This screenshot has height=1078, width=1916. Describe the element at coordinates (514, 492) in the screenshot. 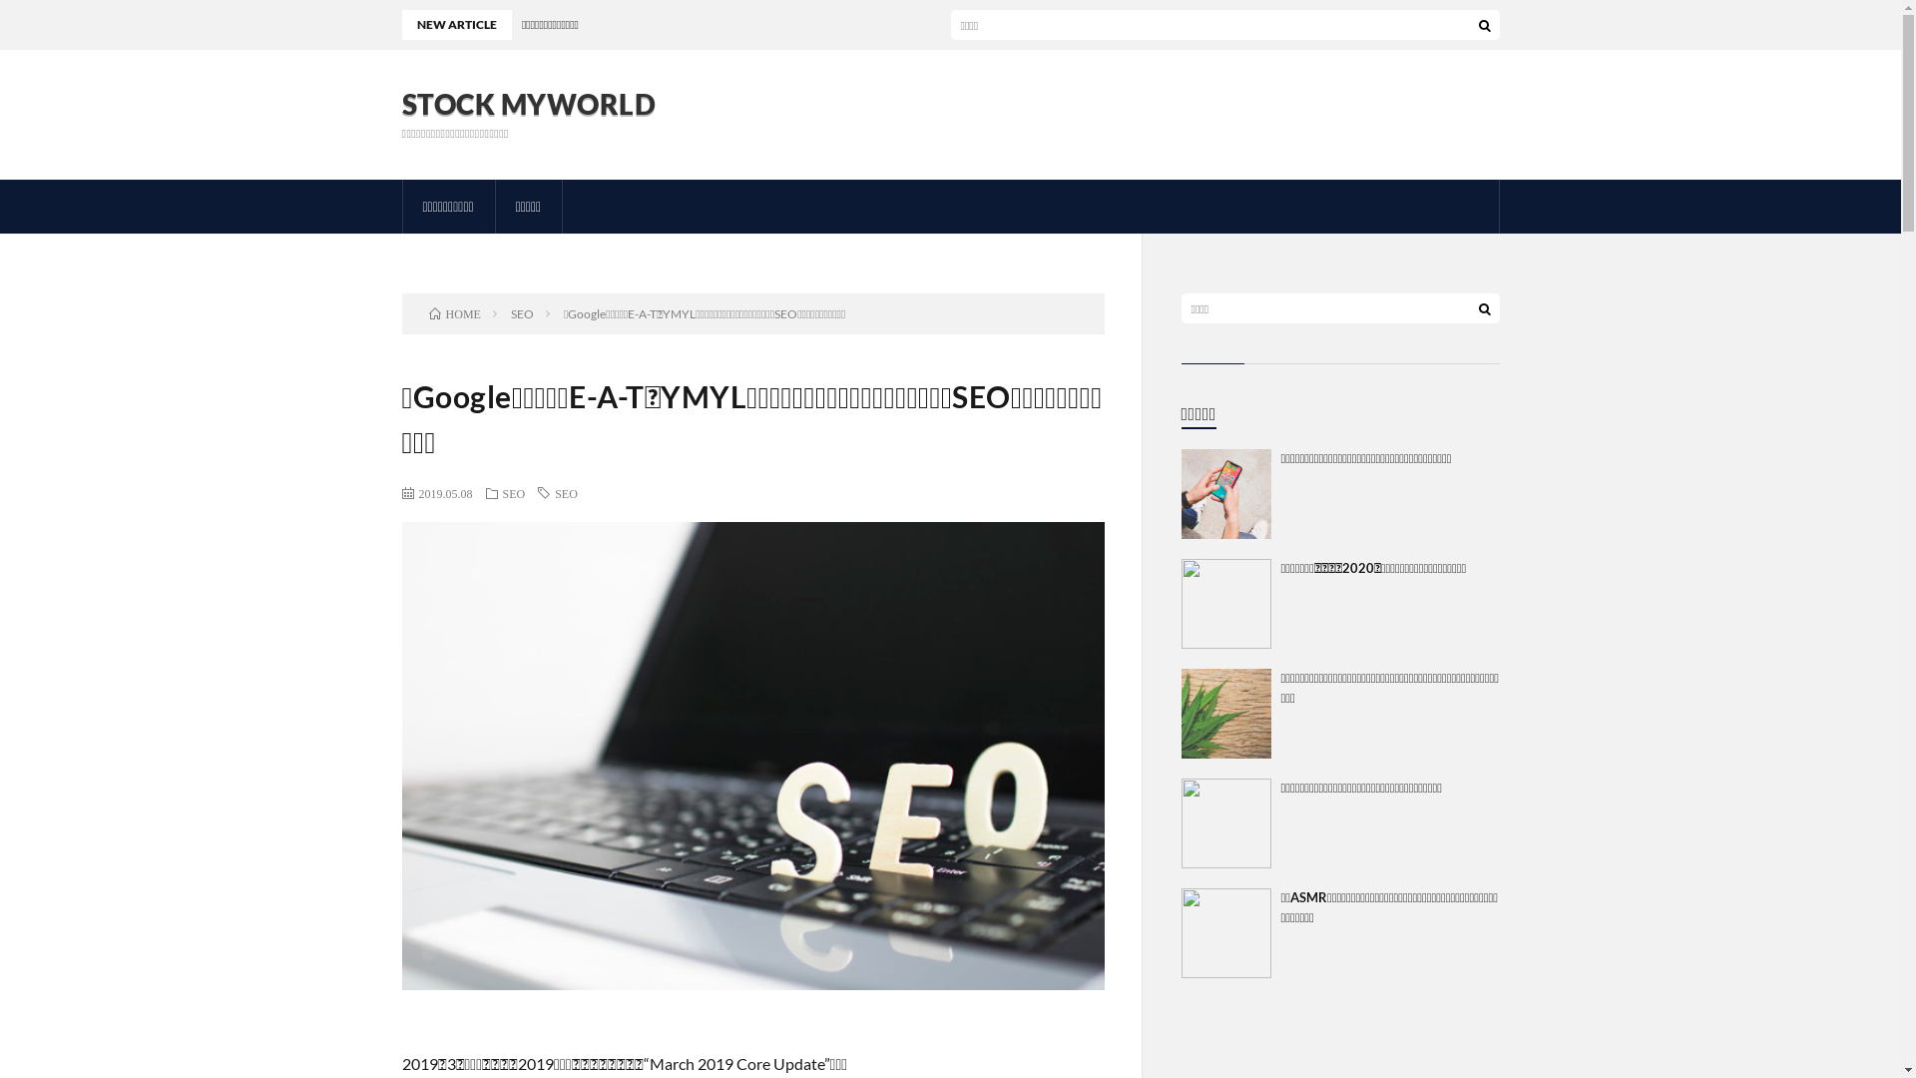

I see `'SEO'` at that location.